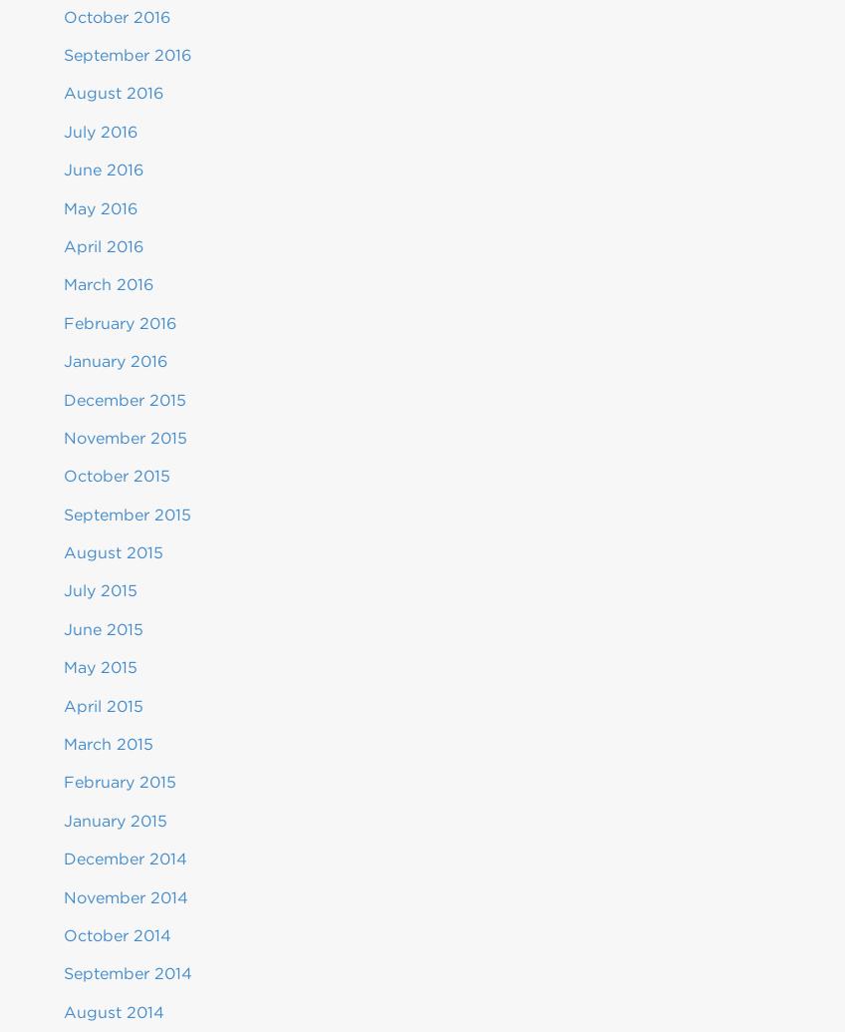 Image resolution: width=845 pixels, height=1032 pixels. I want to click on 'December 2014', so click(125, 858).